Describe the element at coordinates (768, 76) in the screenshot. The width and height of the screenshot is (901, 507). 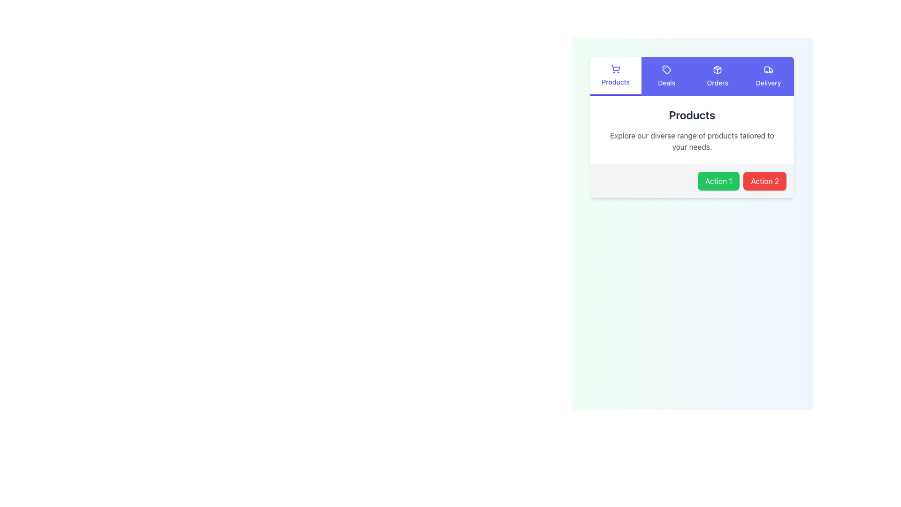
I see `the 'Delivery' Tab Button, which has a purple background, a truck icon, and is the fourth button in the row of tab buttons` at that location.